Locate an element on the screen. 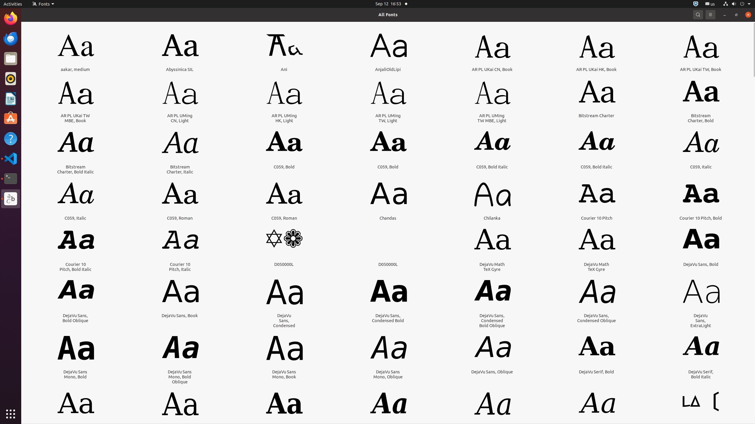 This screenshot has height=424, width=755. 'DejaVu Sans, Condensed Bold' is located at coordinates (388, 318).